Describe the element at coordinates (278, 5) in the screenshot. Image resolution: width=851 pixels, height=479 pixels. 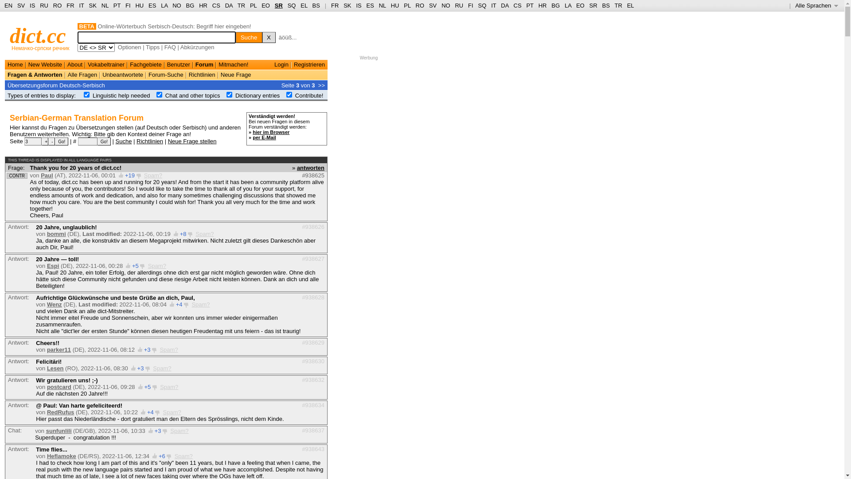
I see `'SR'` at that location.